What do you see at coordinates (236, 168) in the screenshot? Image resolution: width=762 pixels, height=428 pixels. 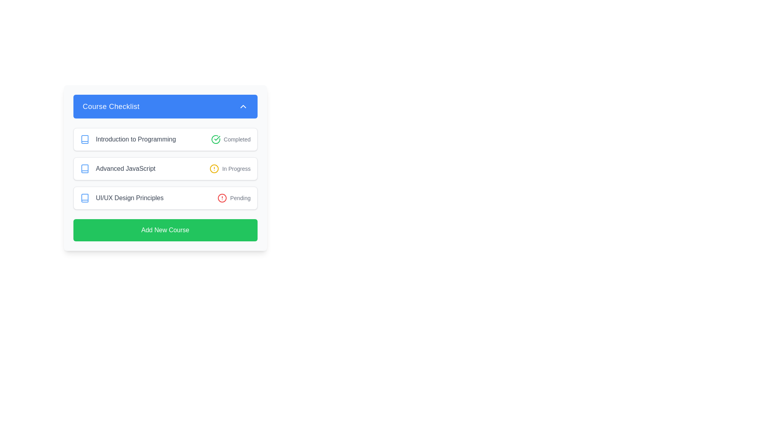 I see `the 'In Progress' label that is gray in color and located to the right of the yellow alert icon in the 'Advanced JavaScript' row` at bounding box center [236, 168].